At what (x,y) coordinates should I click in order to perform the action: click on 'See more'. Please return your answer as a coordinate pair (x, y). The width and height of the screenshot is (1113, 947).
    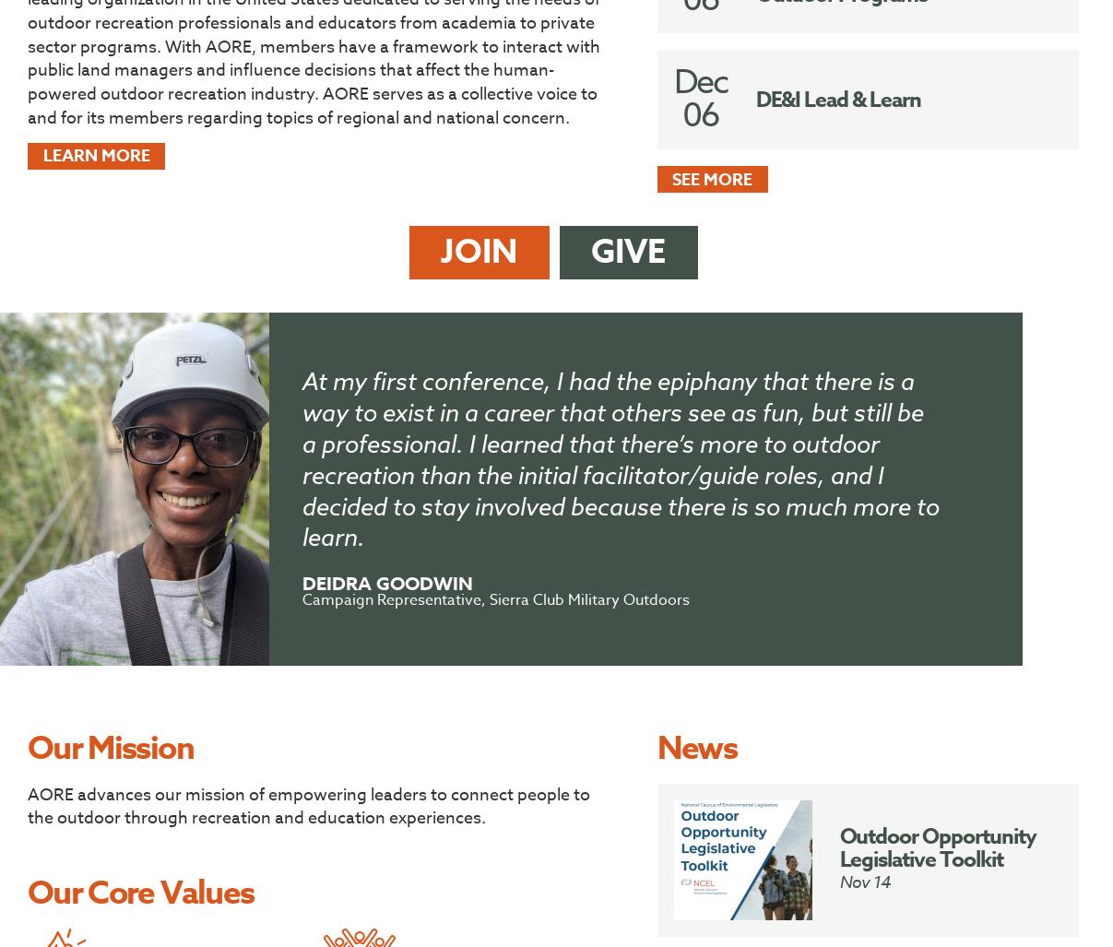
    Looking at the image, I should click on (672, 178).